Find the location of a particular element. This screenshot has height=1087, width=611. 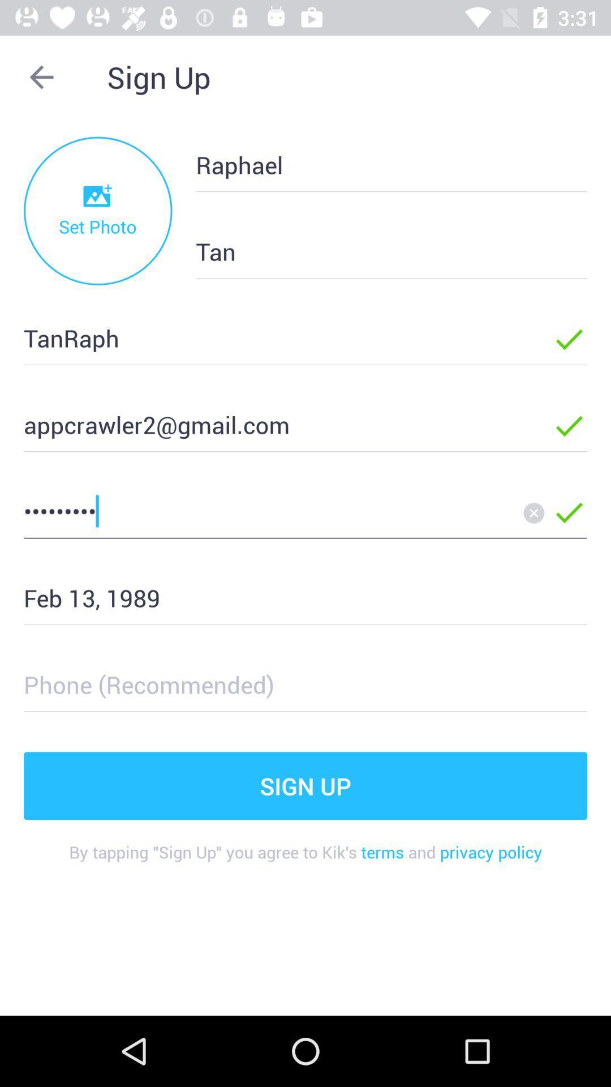

the crowd3116 item is located at coordinates (270, 510).